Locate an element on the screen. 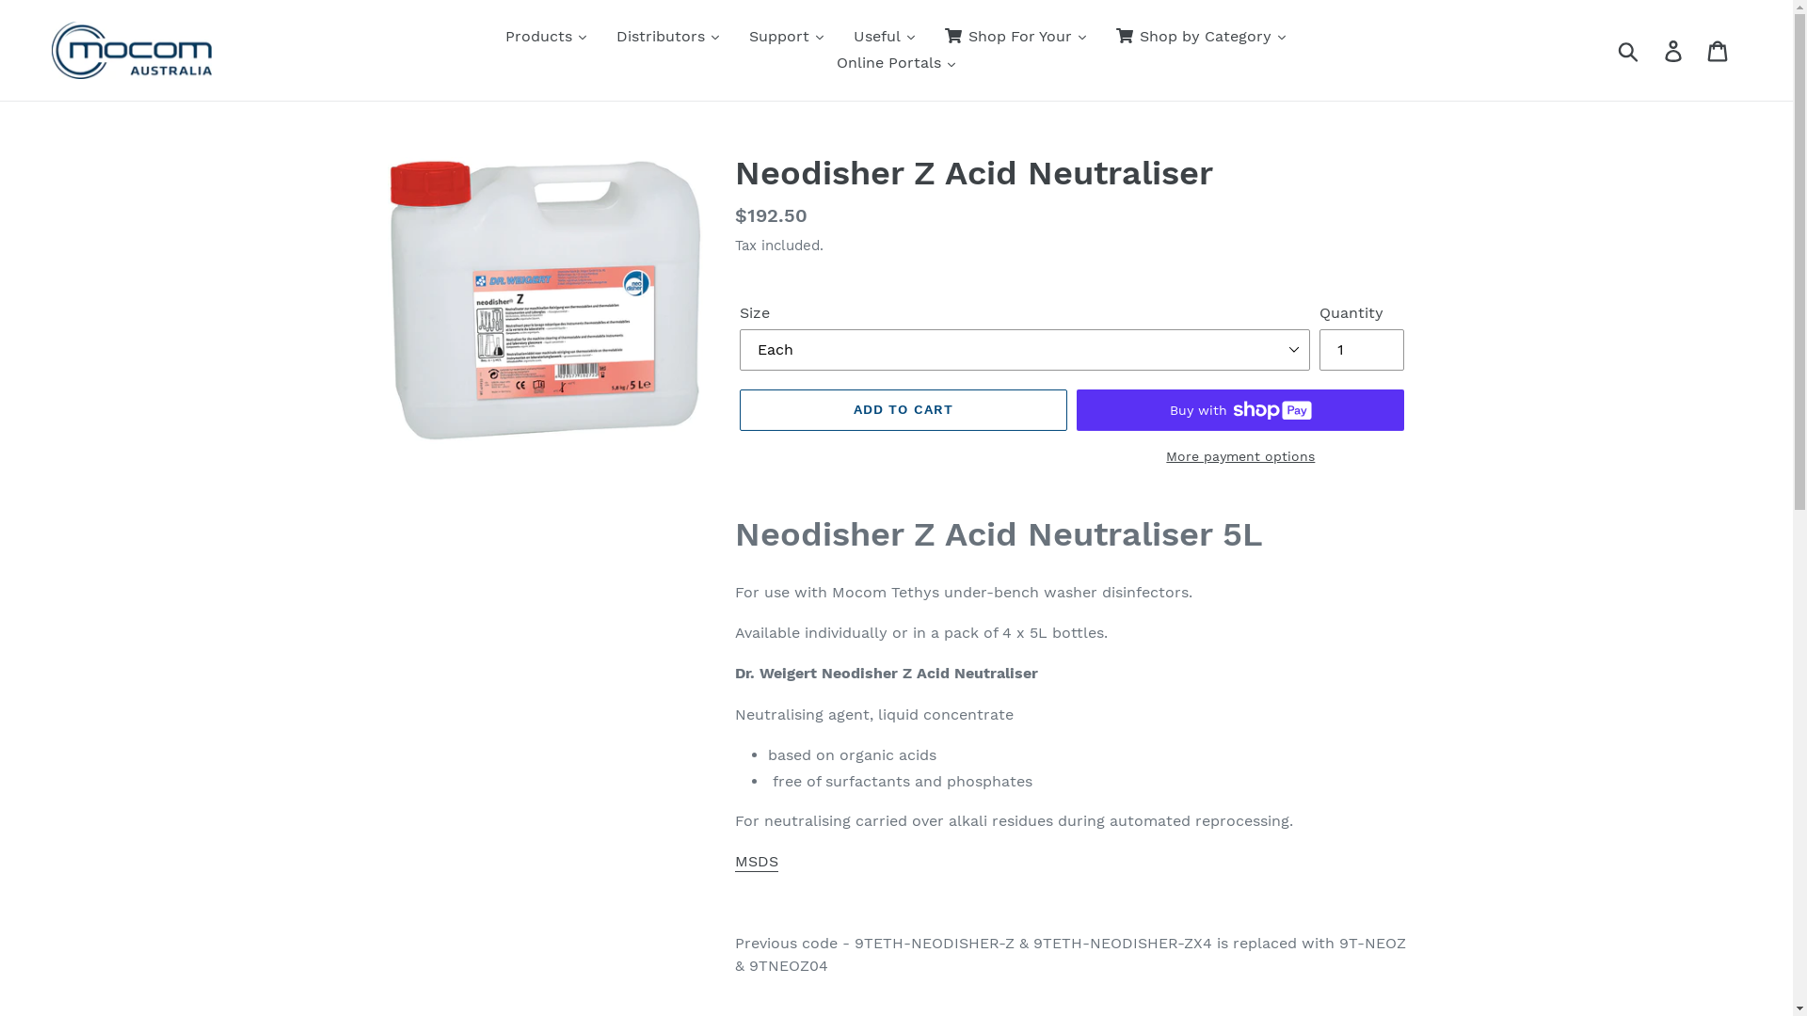  'Submit' is located at coordinates (1628, 49).